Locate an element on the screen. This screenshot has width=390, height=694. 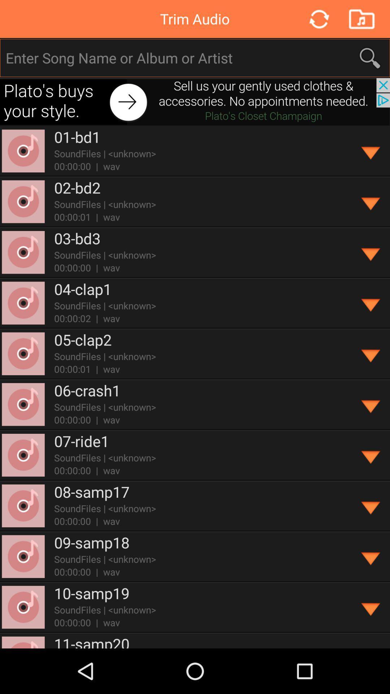
the song is located at coordinates (371, 151).